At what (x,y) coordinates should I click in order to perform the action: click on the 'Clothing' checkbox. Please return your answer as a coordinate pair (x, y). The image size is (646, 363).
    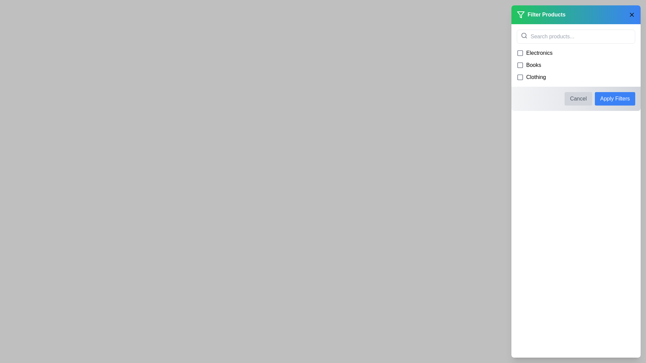
    Looking at the image, I should click on (576, 77).